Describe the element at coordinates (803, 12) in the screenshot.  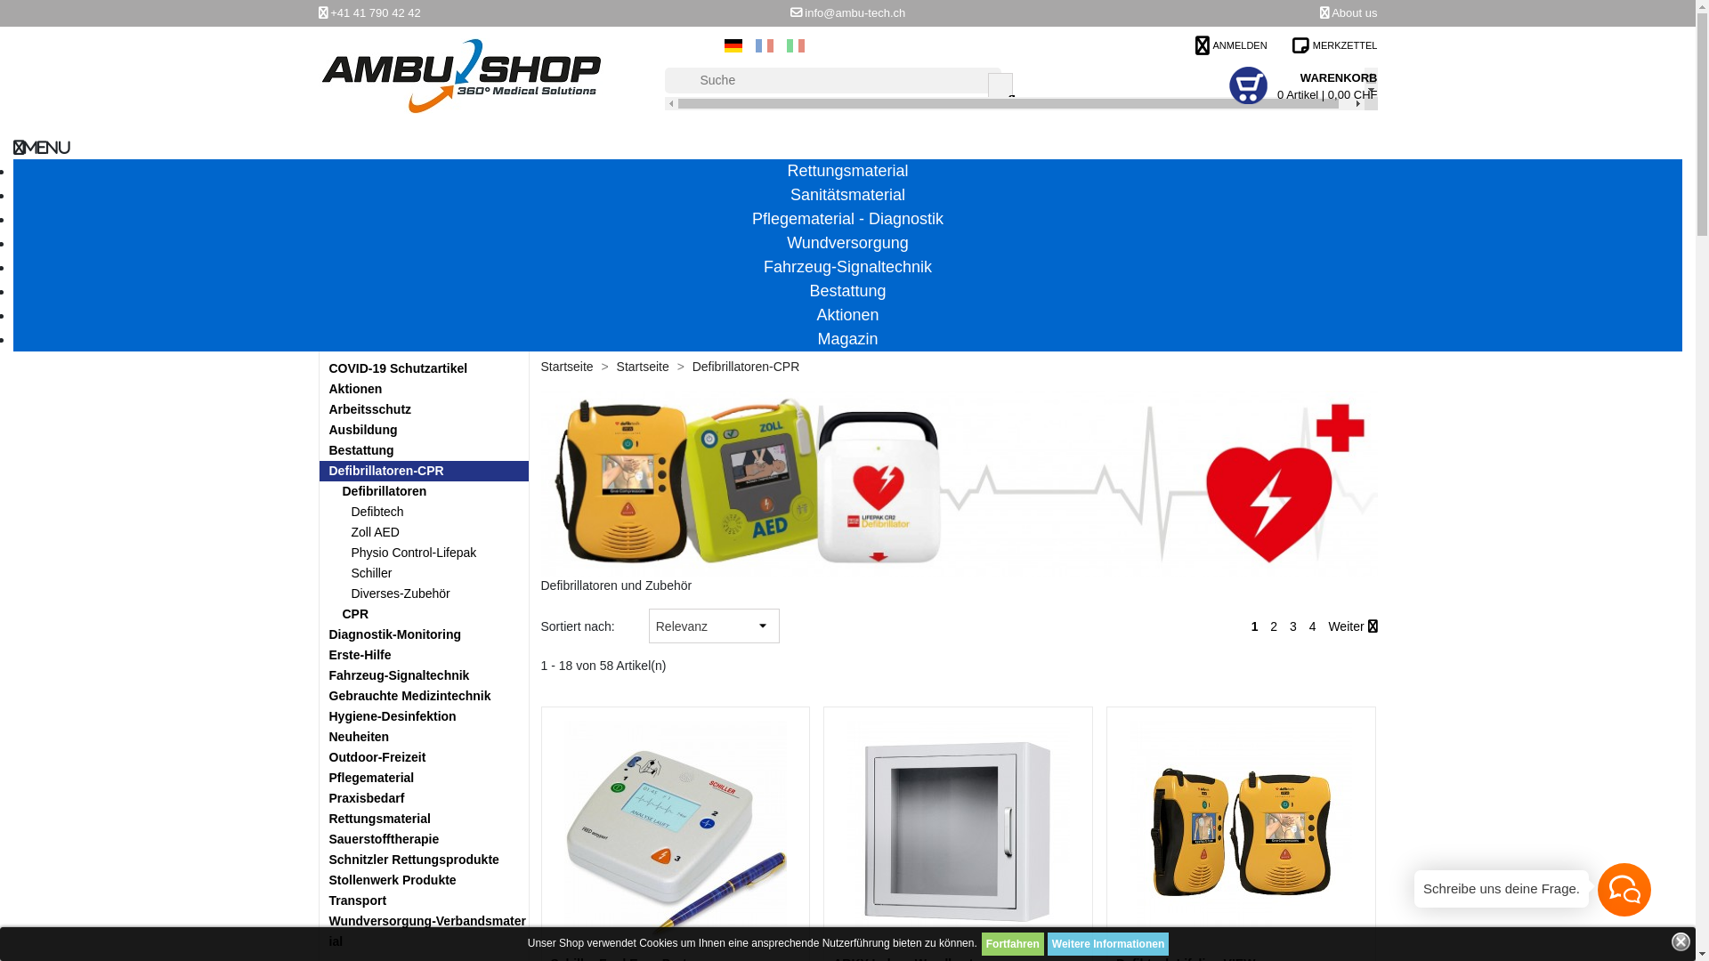
I see `'info@ambu-tech.ch'` at that location.